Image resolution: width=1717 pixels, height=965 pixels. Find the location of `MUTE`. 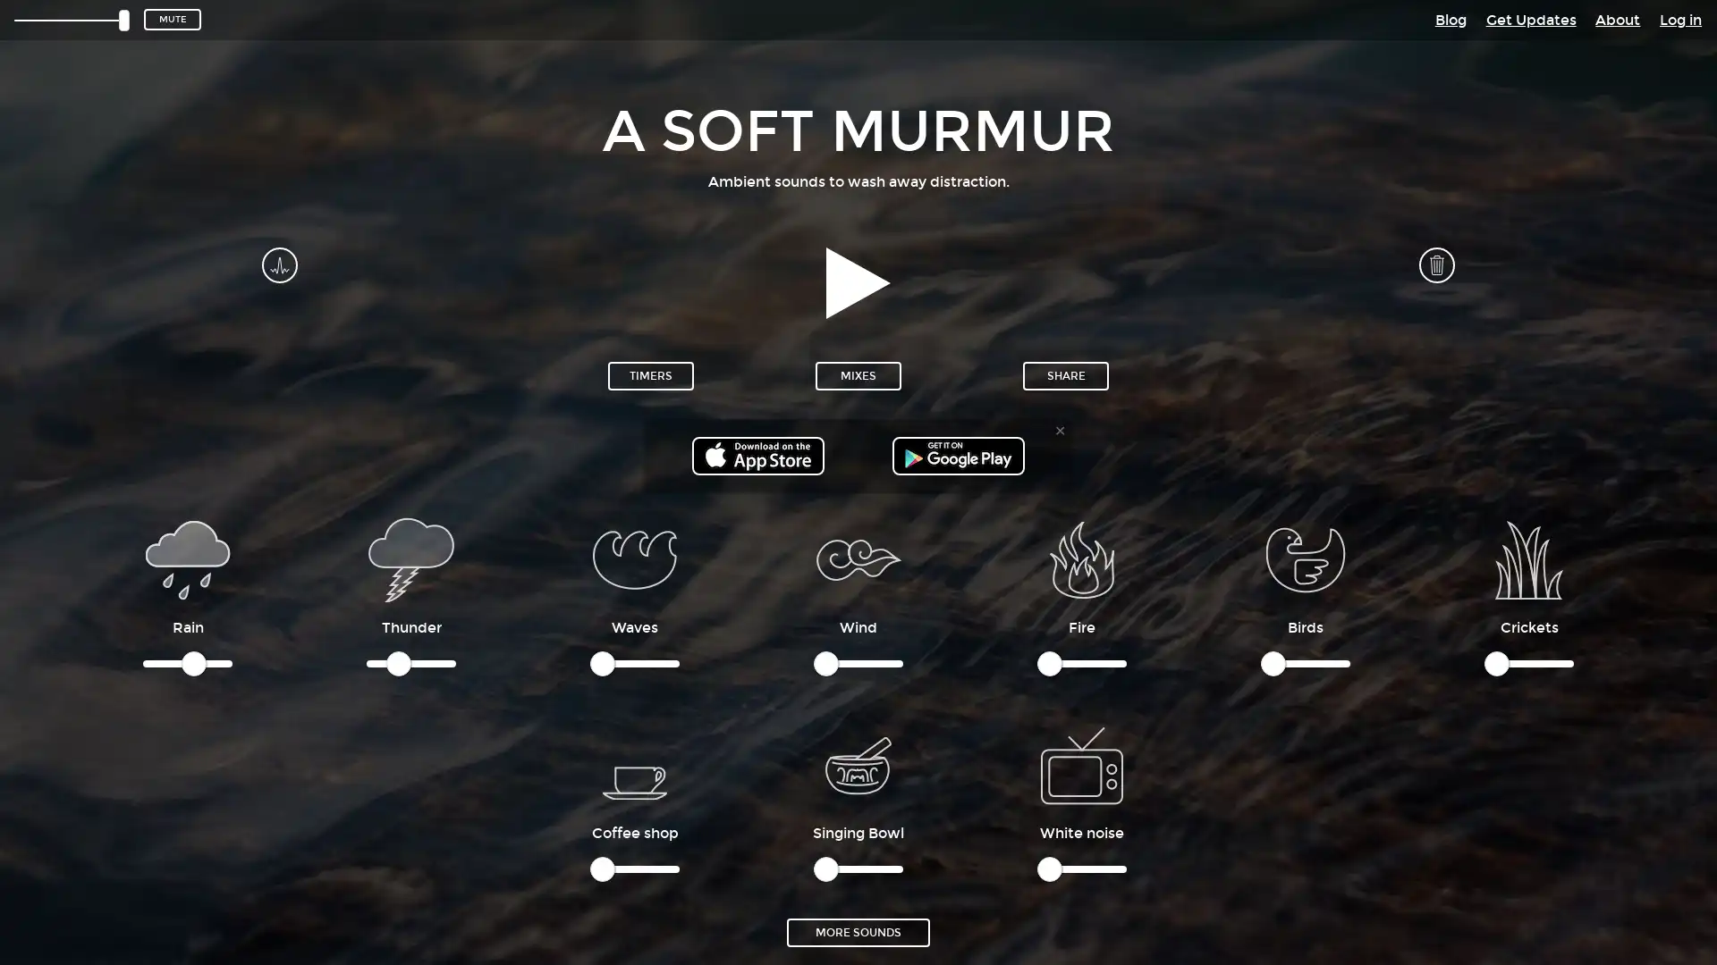

MUTE is located at coordinates (172, 20).